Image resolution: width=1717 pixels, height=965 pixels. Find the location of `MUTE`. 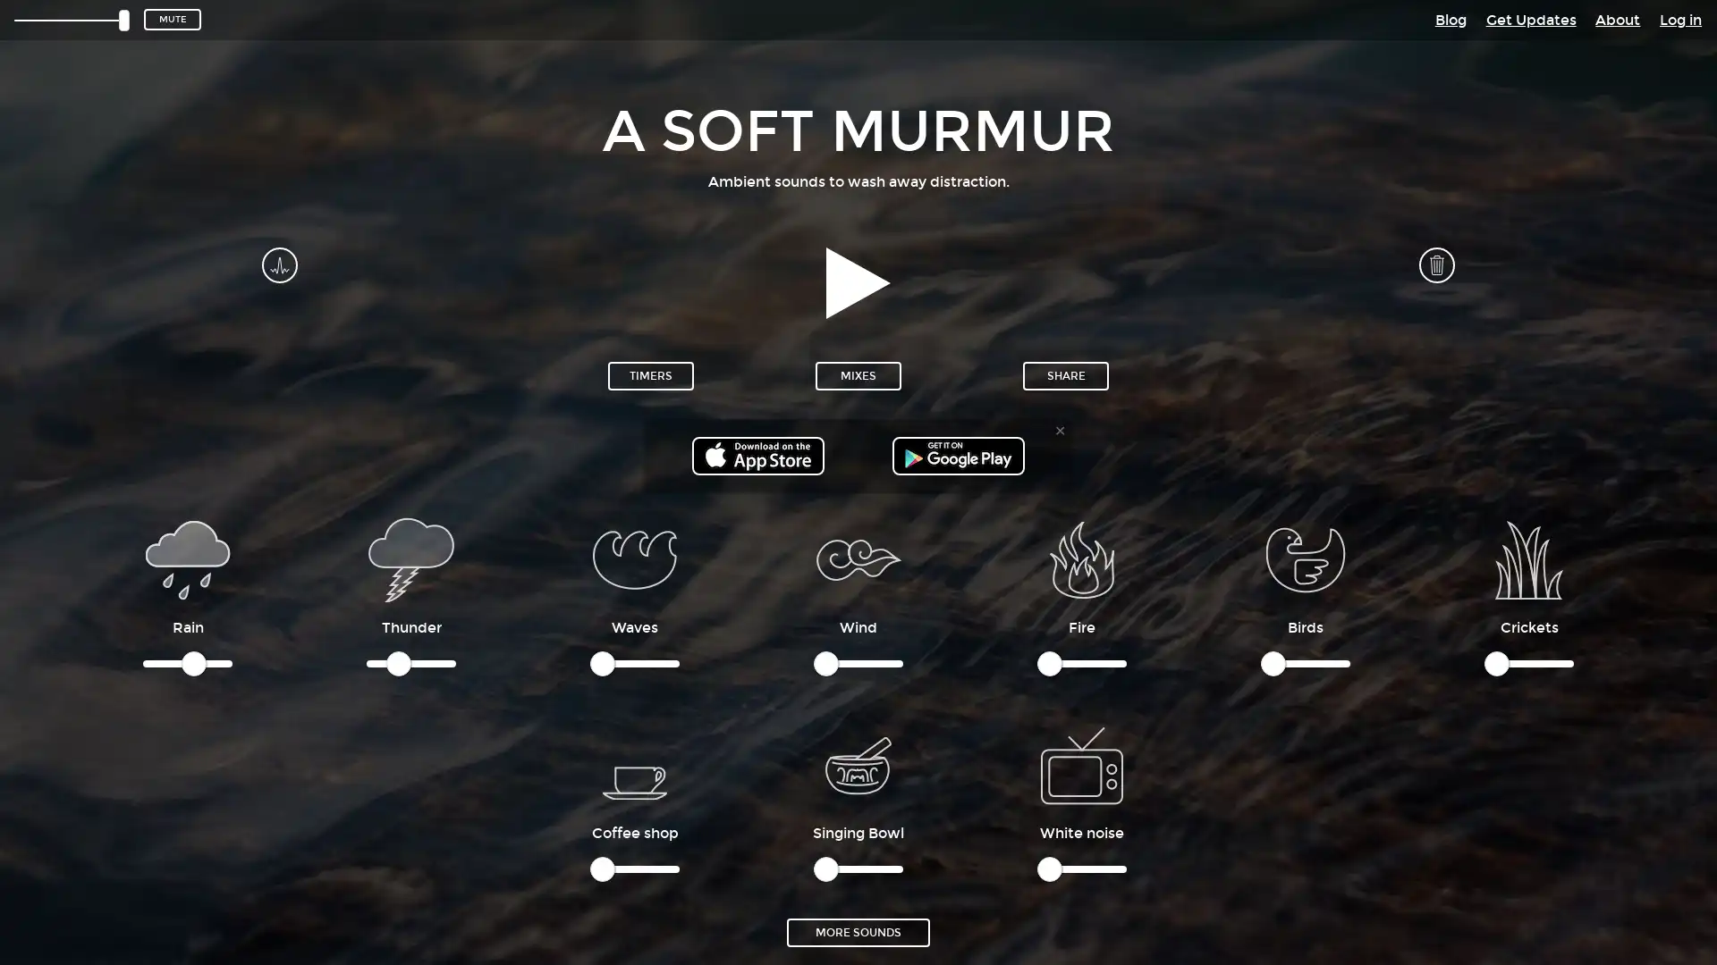

MUTE is located at coordinates (172, 20).